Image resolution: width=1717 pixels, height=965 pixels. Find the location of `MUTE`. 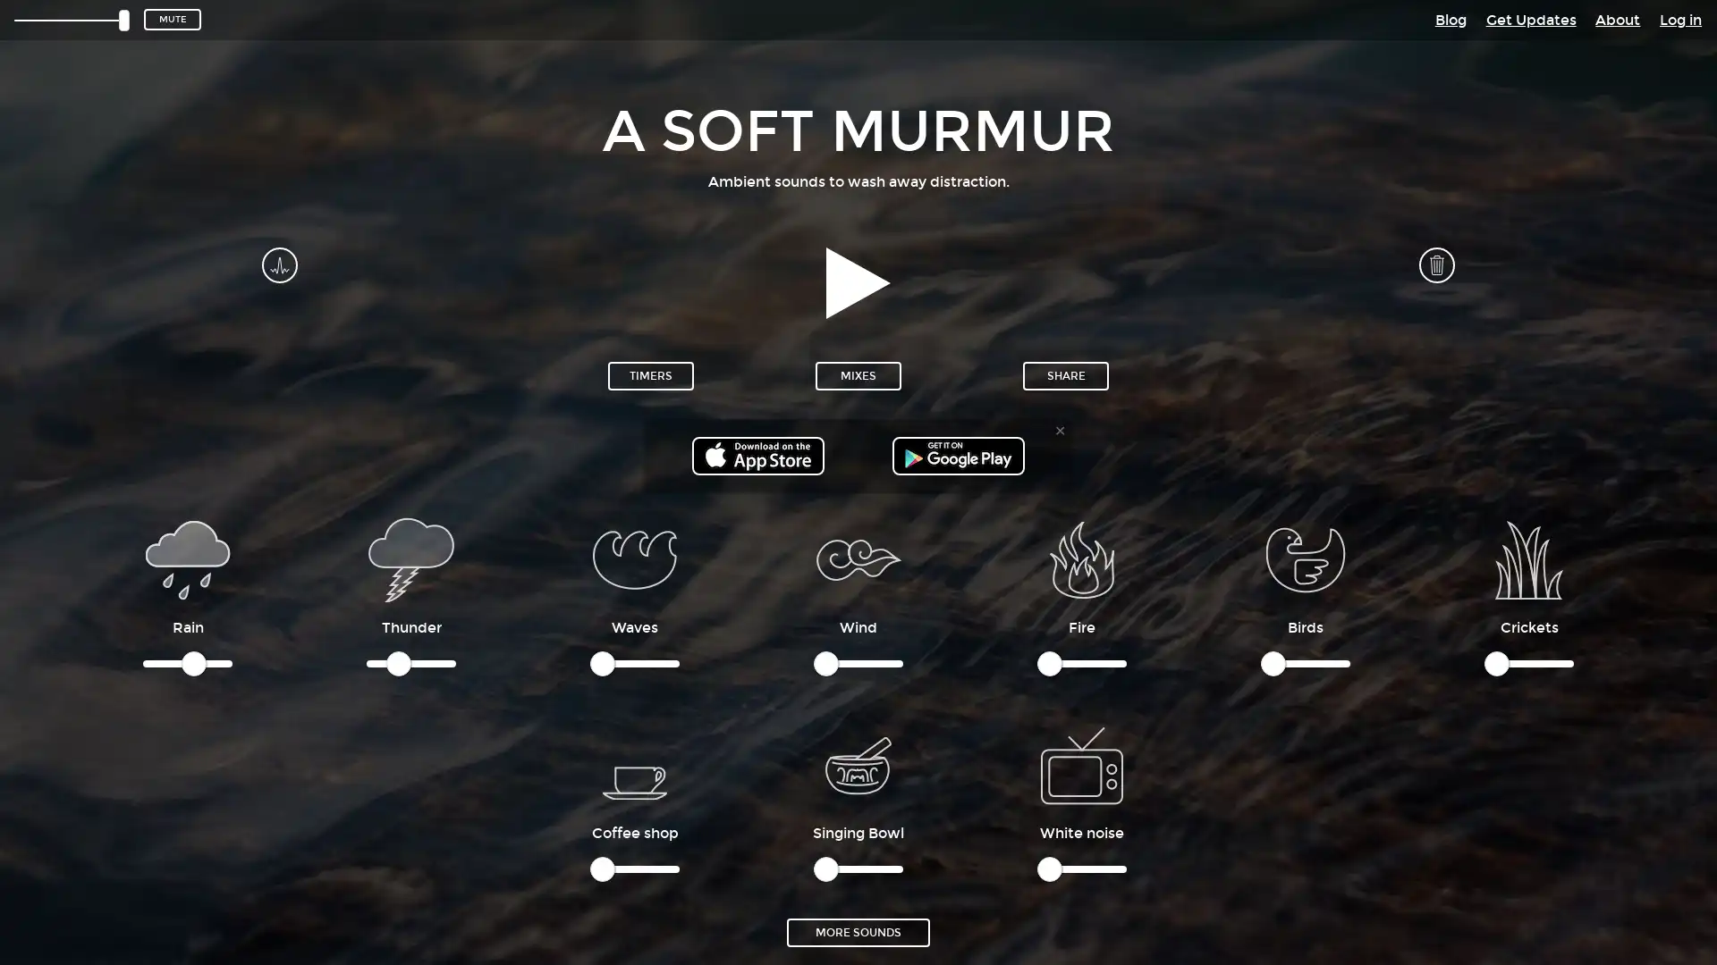

MUTE is located at coordinates (172, 20).